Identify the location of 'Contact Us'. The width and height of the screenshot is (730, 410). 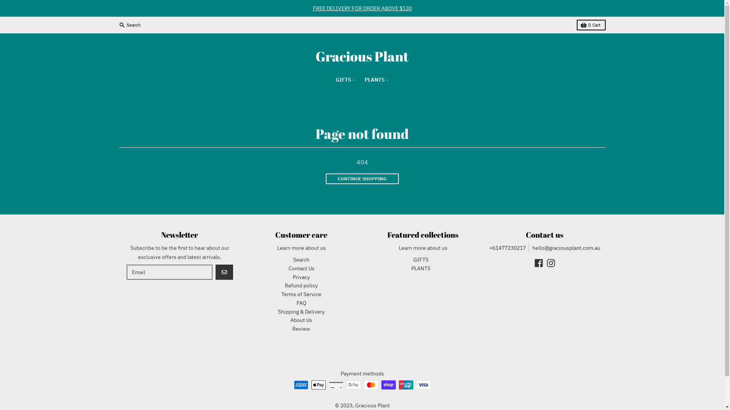
(301, 268).